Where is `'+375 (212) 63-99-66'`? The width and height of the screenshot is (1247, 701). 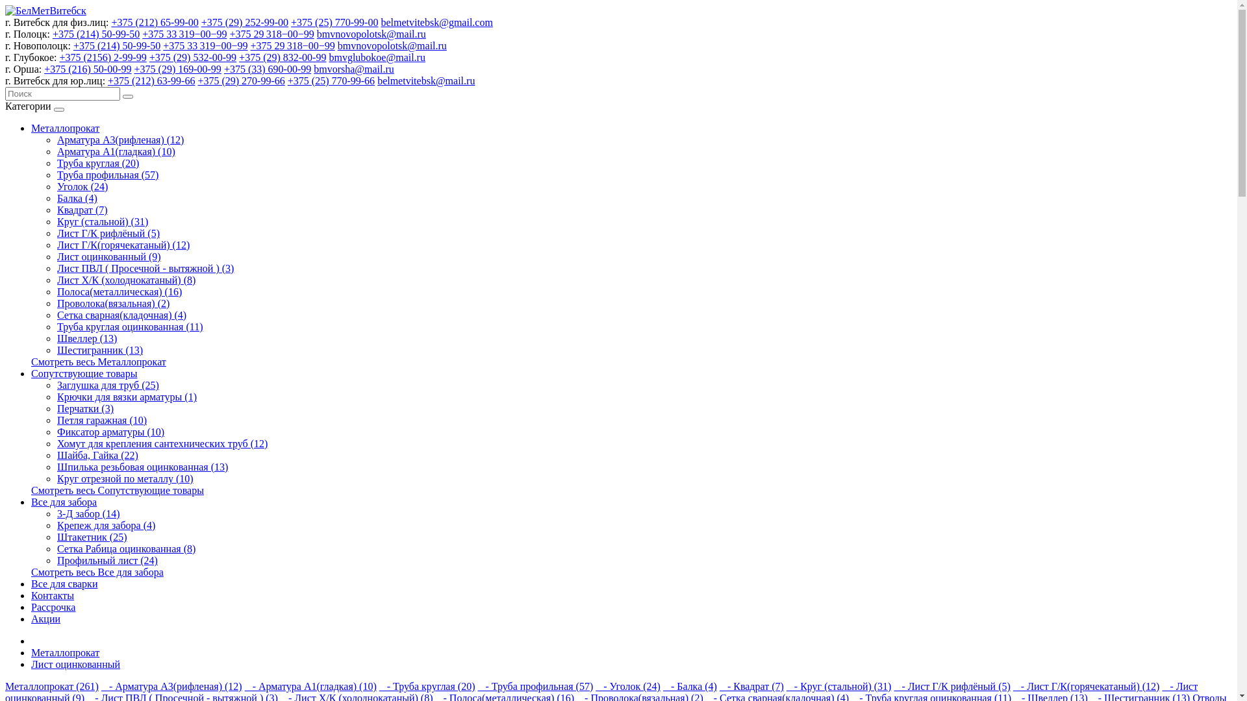 '+375 (212) 63-99-66' is located at coordinates (151, 80).